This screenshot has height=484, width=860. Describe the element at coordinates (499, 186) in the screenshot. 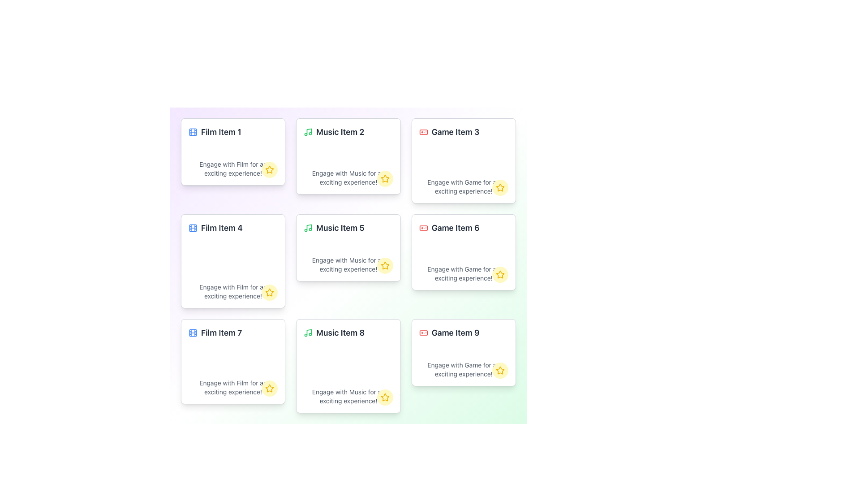

I see `the star-shaped icon with a yellow outline located in the bottom-right corner of the 'Game Item 3' card to mark the item as favorite` at that location.